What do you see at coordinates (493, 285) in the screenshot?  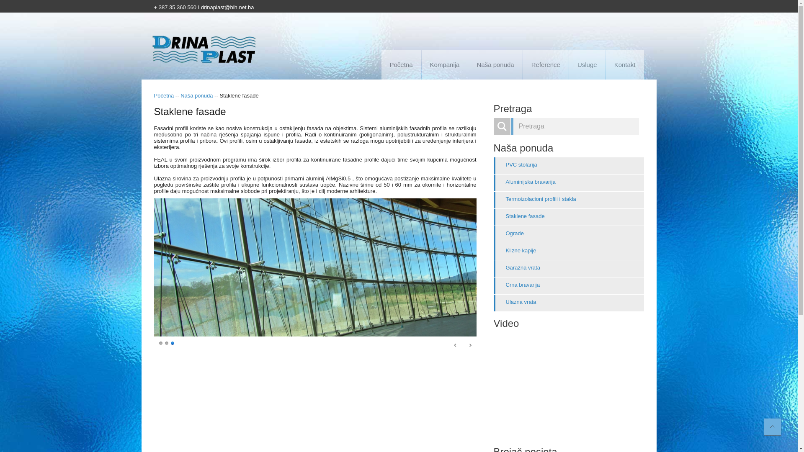 I see `'Crna bravarija'` at bounding box center [493, 285].